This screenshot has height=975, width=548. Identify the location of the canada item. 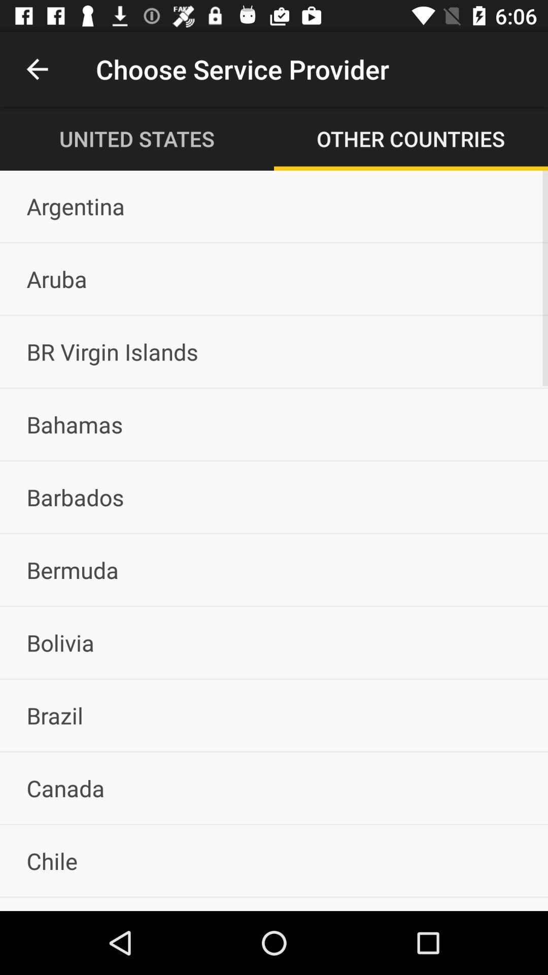
(274, 788).